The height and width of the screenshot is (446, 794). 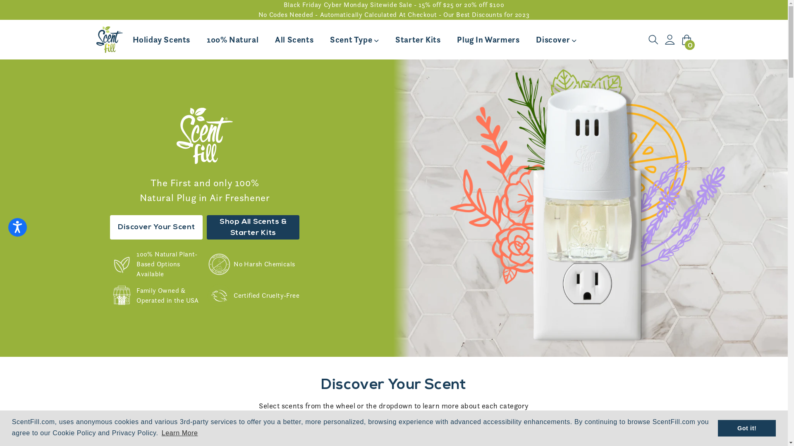 What do you see at coordinates (717, 428) in the screenshot?
I see `'Got it!'` at bounding box center [717, 428].